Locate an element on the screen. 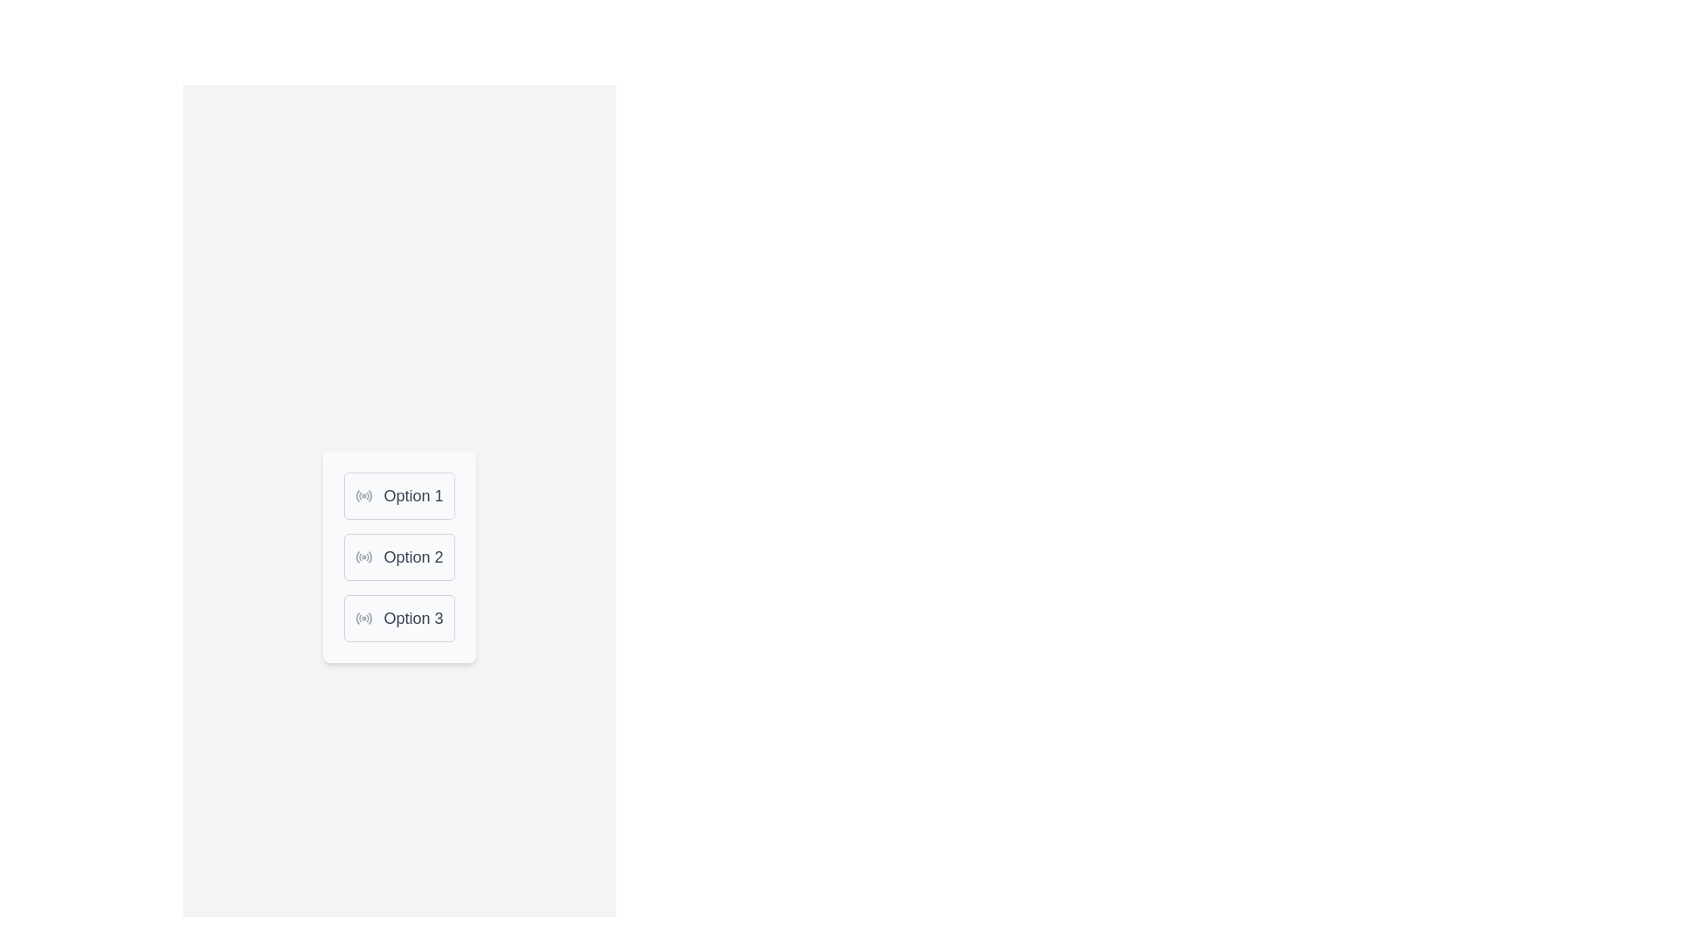 The width and height of the screenshot is (1681, 945). the Radio button for Option 3 within the vertical stack of radio buttons is located at coordinates (398, 617).